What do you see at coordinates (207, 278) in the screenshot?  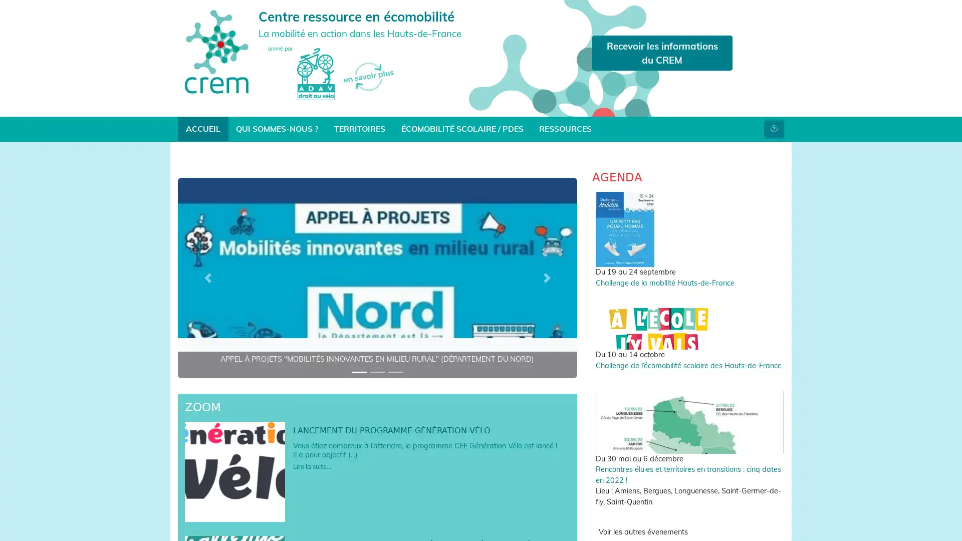 I see `Previous` at bounding box center [207, 278].